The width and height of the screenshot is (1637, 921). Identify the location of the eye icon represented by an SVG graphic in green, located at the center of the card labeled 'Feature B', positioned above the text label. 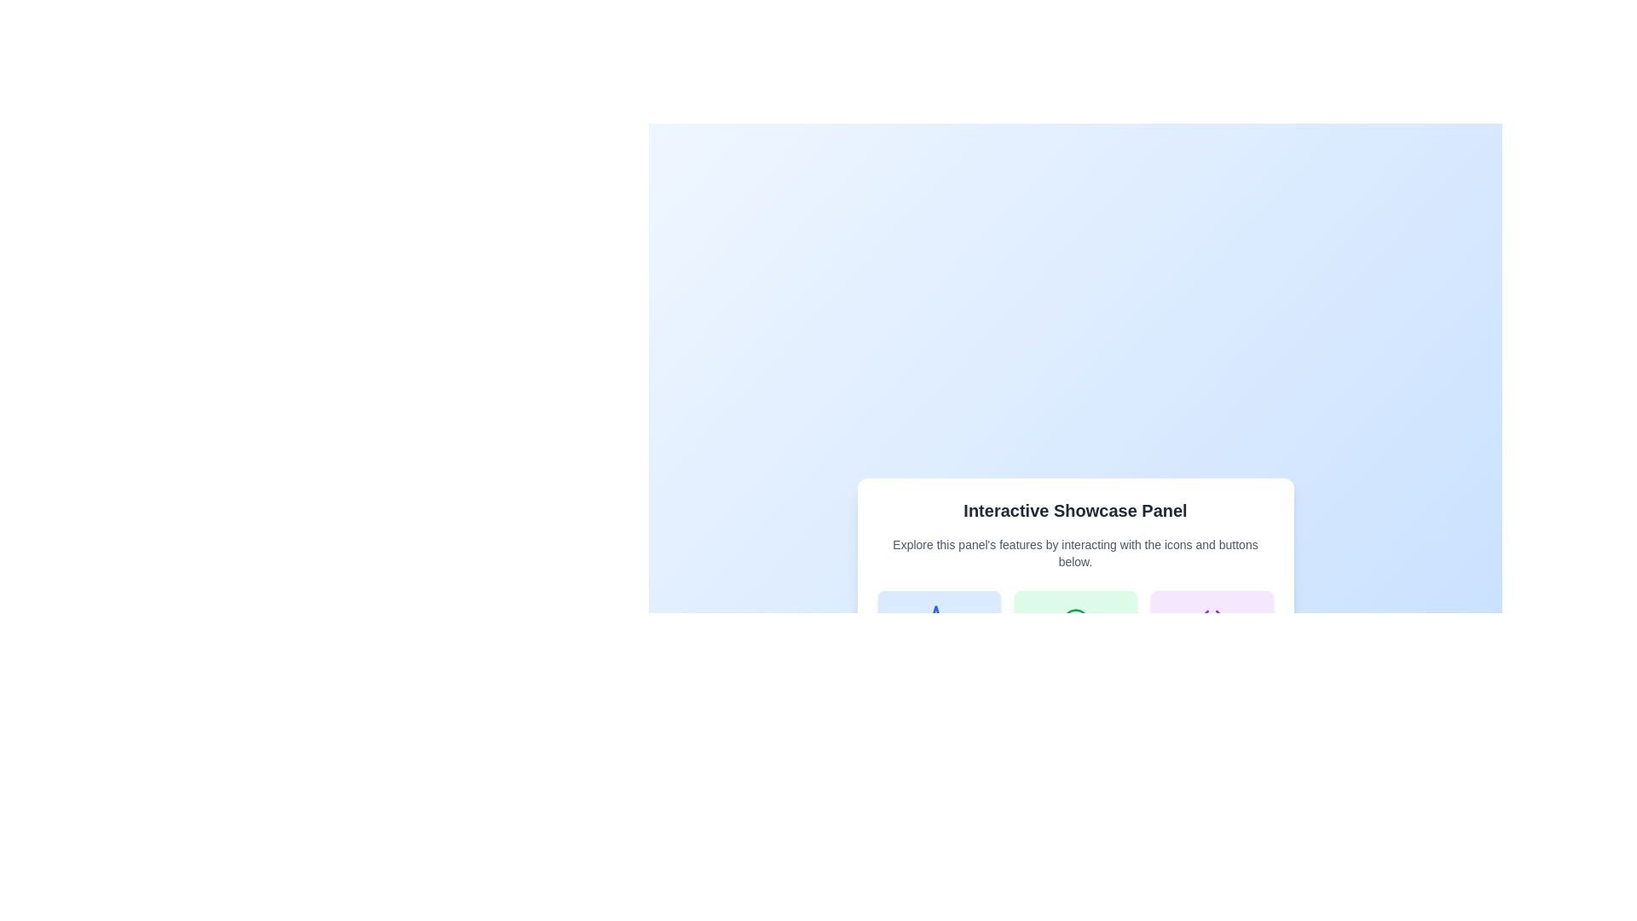
(1074, 618).